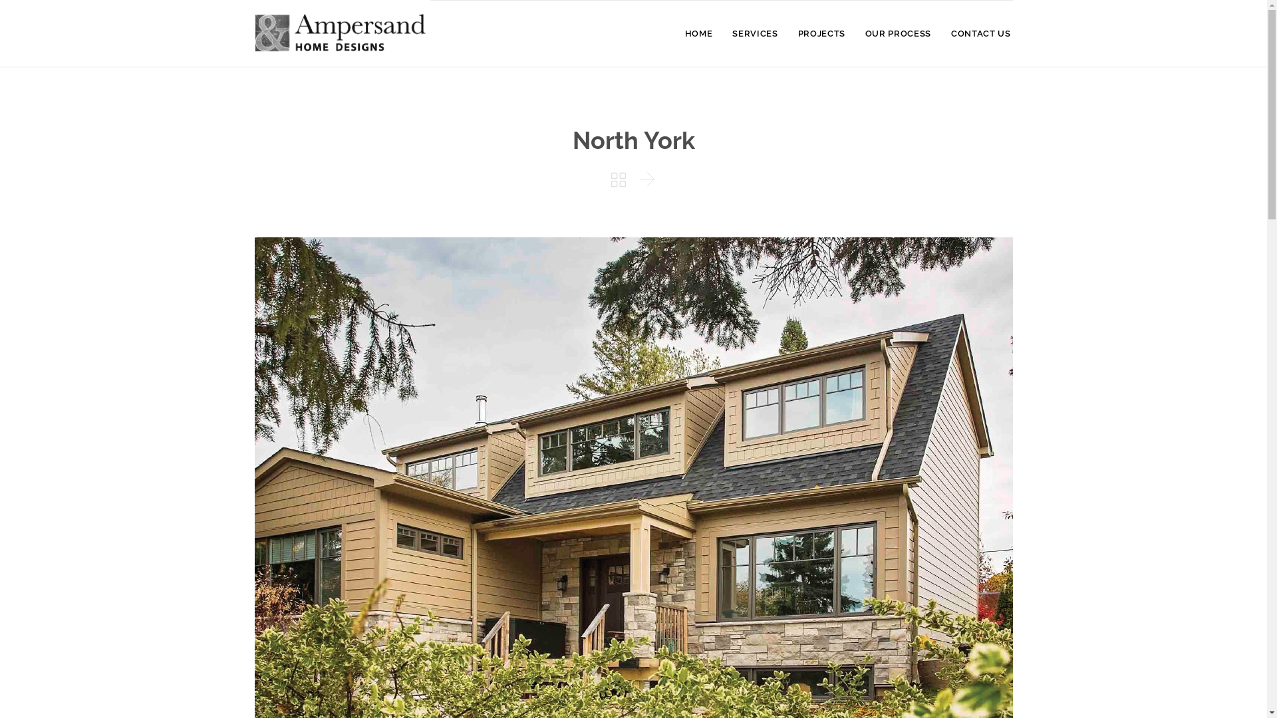  Describe the element at coordinates (685, 34) in the screenshot. I see `'HOME'` at that location.